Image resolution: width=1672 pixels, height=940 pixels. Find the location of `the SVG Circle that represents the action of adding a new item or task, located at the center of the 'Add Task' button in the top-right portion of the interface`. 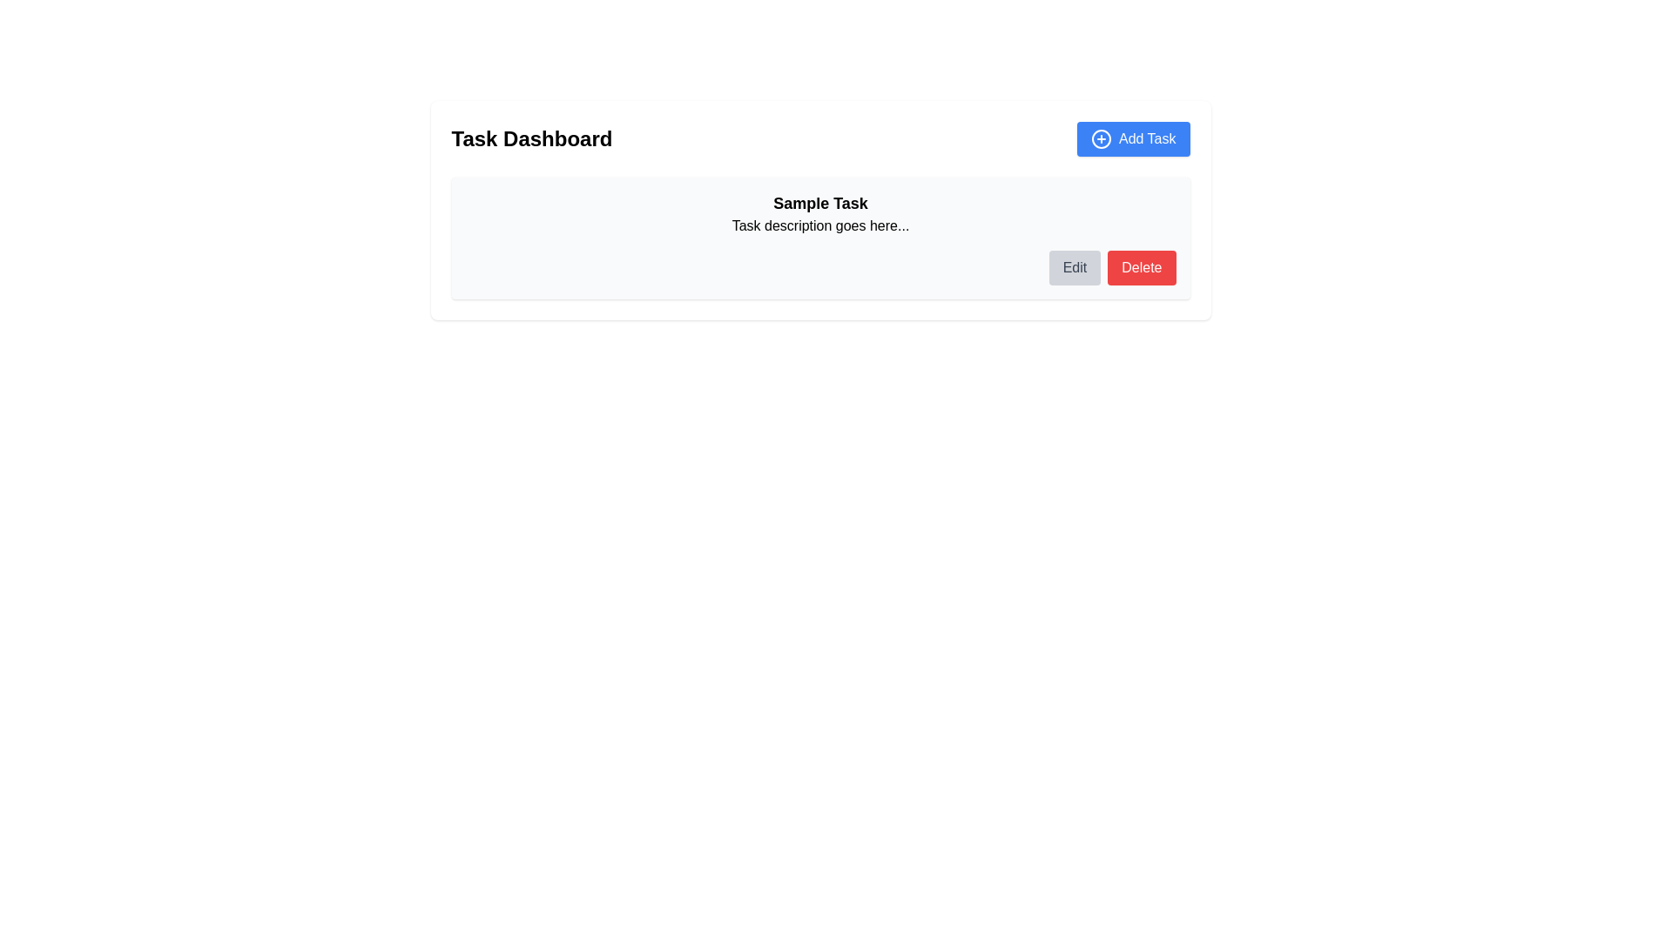

the SVG Circle that represents the action of adding a new item or task, located at the center of the 'Add Task' button in the top-right portion of the interface is located at coordinates (1100, 138).